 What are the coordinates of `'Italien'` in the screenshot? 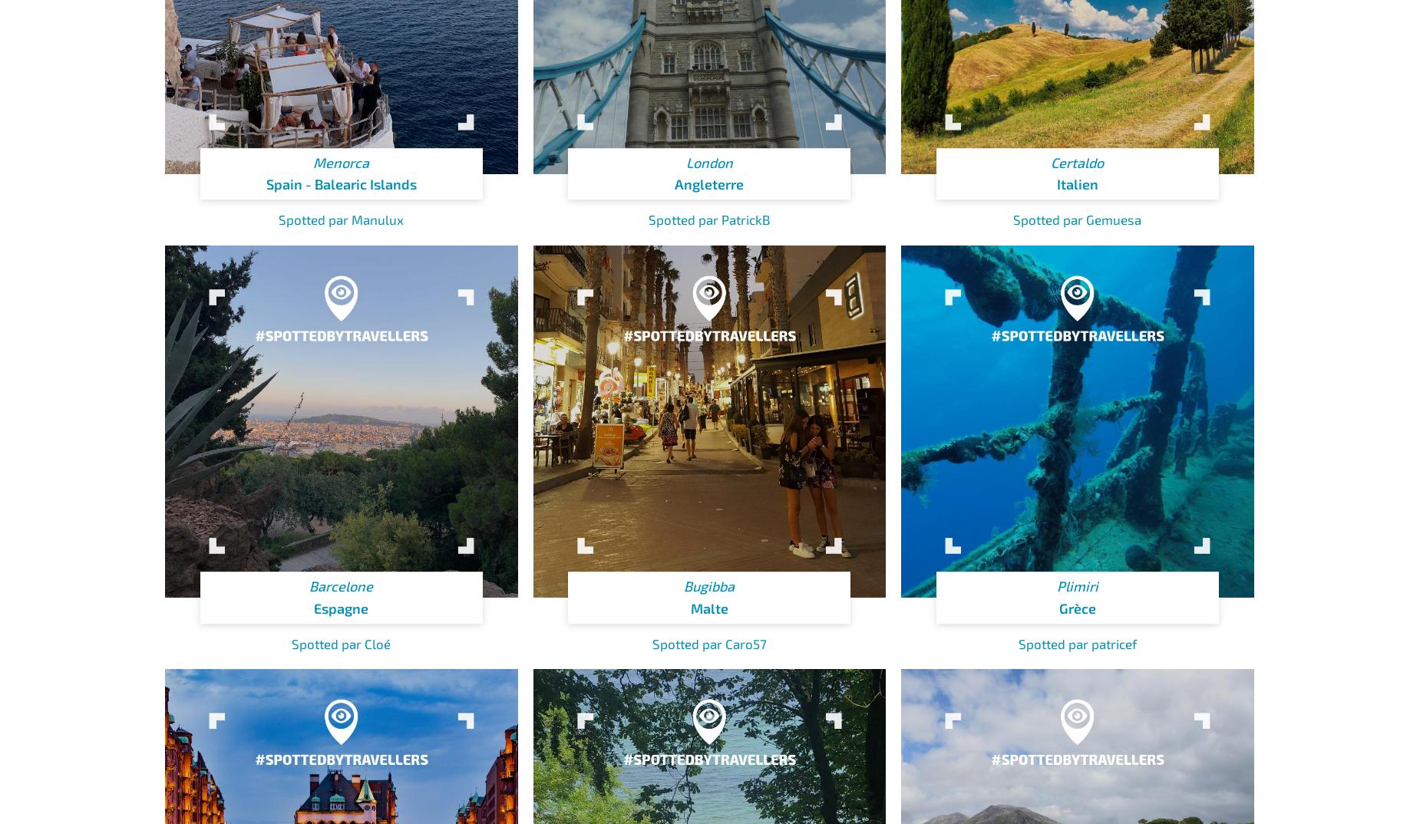 It's located at (1077, 183).